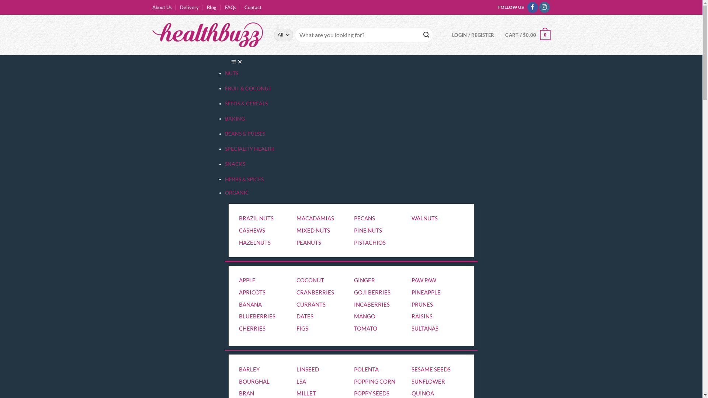 The height and width of the screenshot is (398, 708). I want to click on 'BAKING', so click(224, 118).